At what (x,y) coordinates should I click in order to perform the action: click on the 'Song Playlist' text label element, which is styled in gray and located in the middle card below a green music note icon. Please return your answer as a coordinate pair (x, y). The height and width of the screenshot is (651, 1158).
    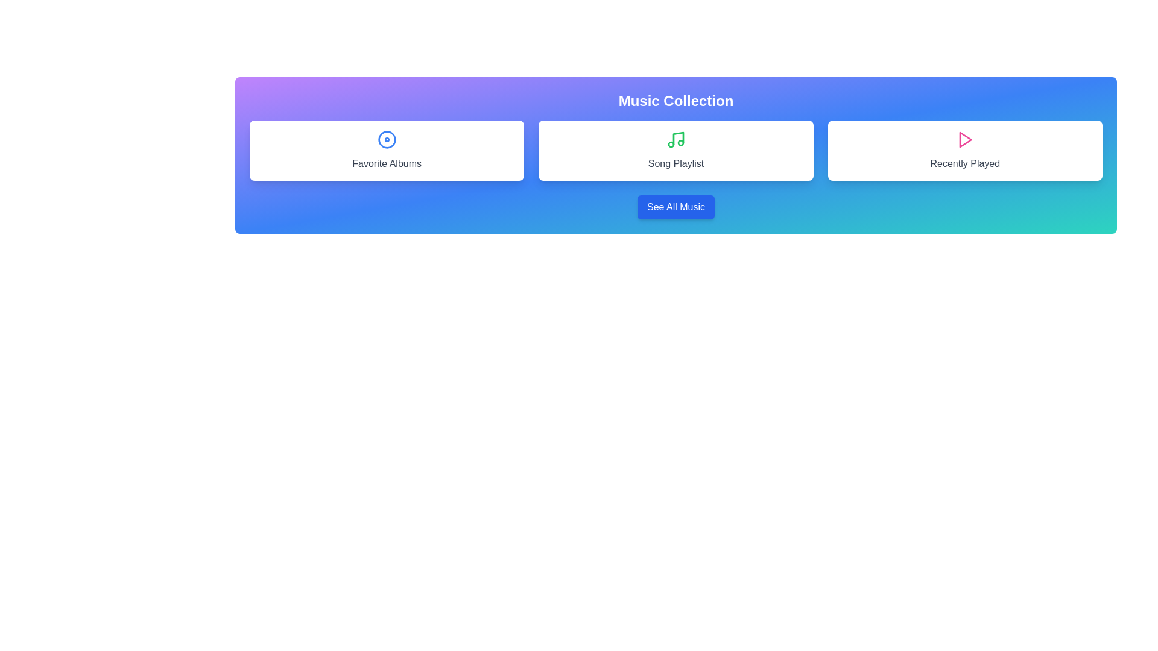
    Looking at the image, I should click on (675, 164).